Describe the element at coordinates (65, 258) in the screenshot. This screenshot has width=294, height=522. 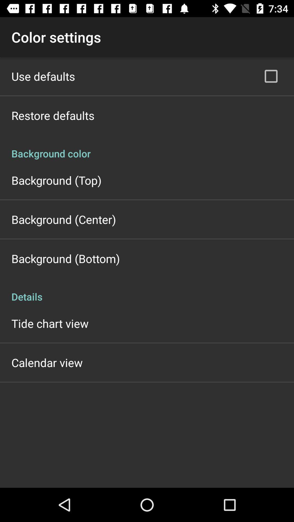
I see `background (bottom) app` at that location.